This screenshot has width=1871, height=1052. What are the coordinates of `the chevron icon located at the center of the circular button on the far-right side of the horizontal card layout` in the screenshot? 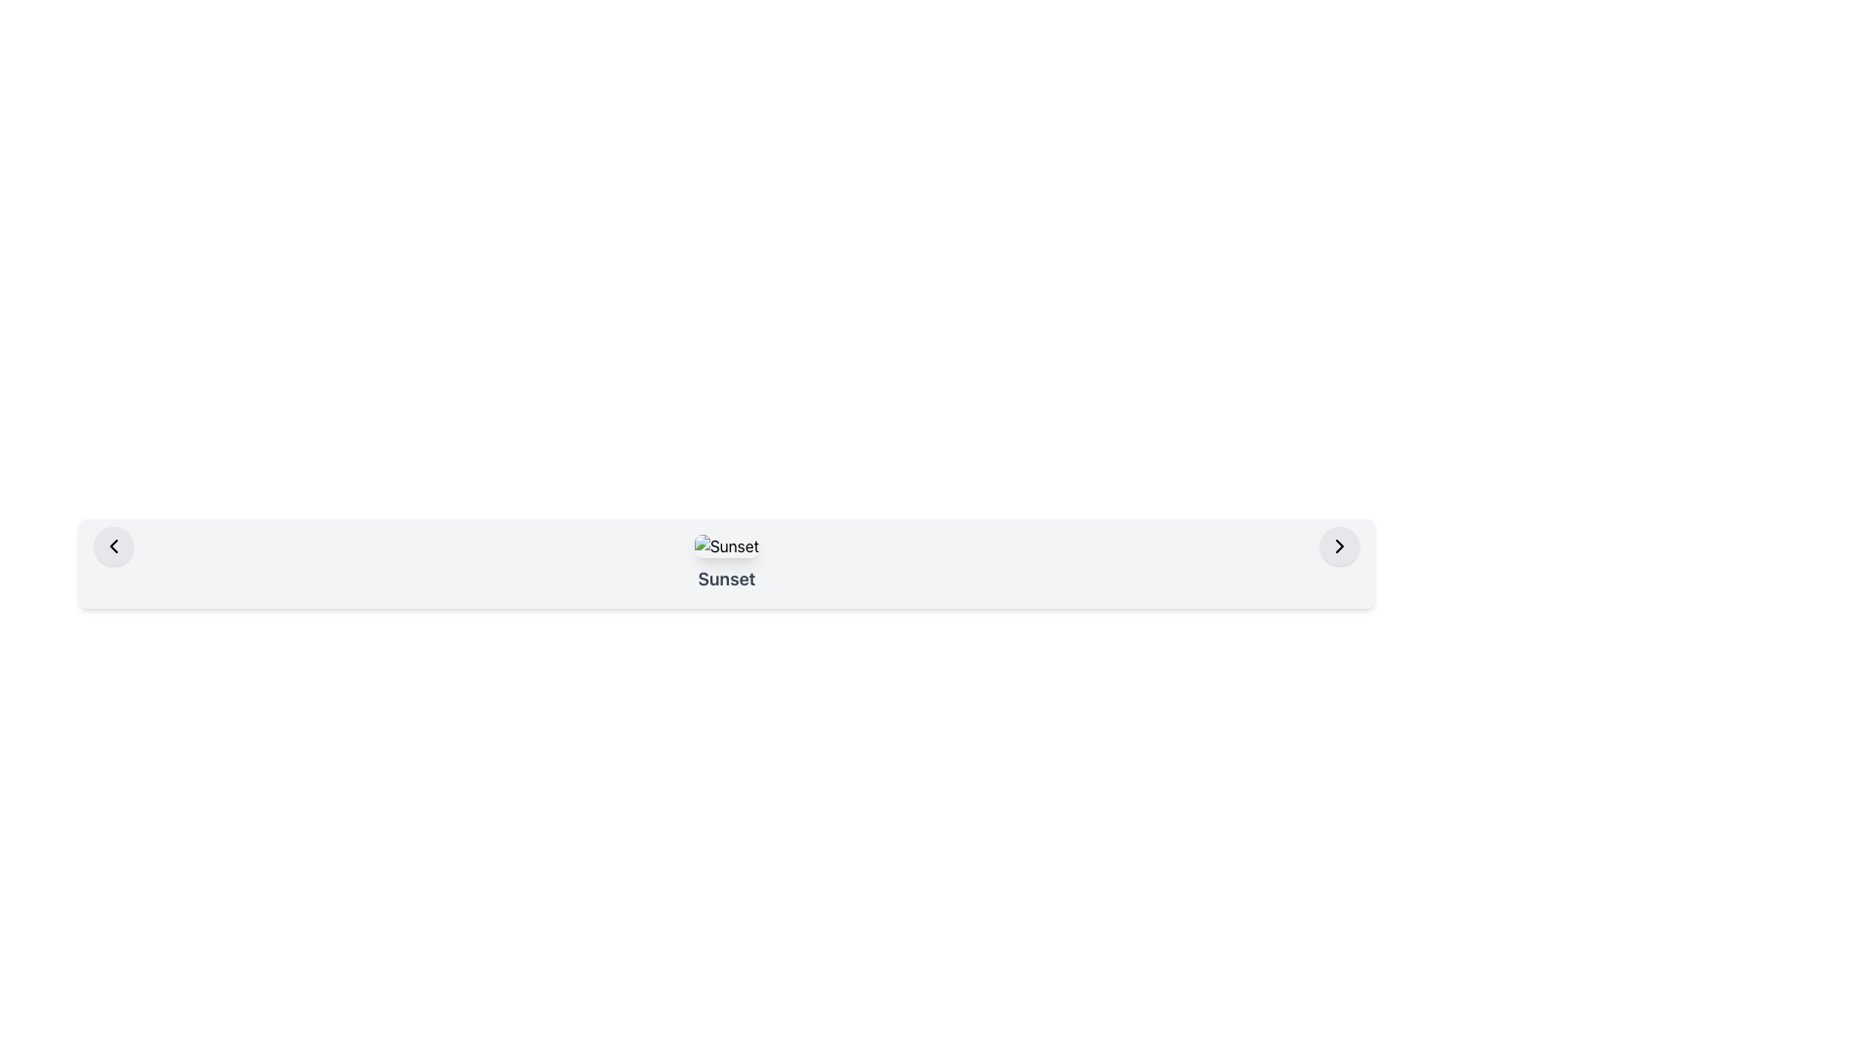 It's located at (1338, 545).